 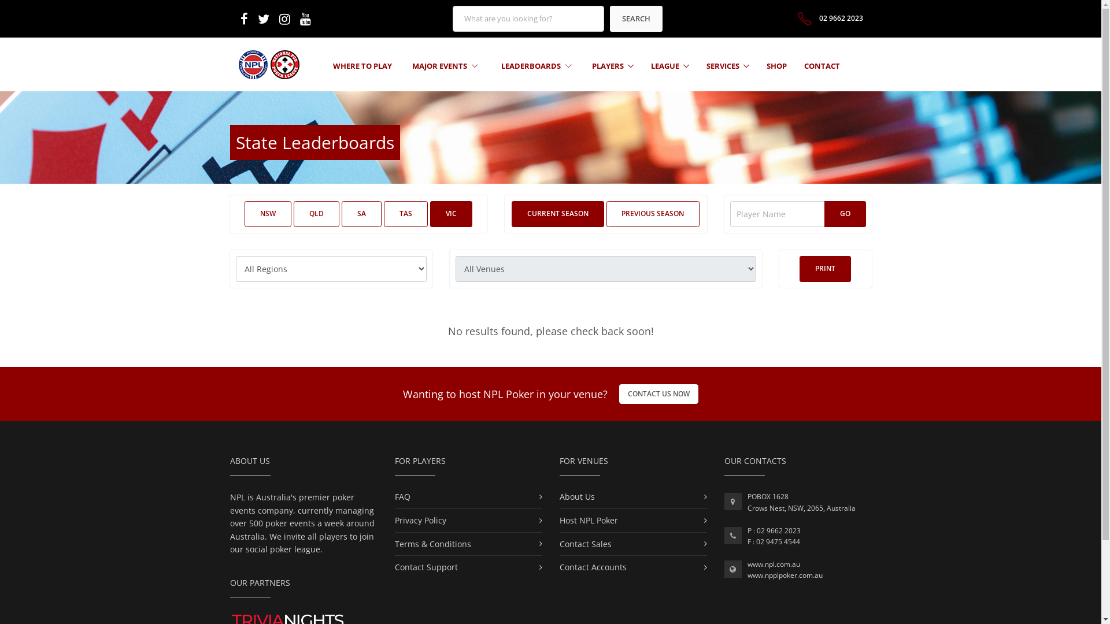 What do you see at coordinates (609, 18) in the screenshot?
I see `'SEARCH'` at bounding box center [609, 18].